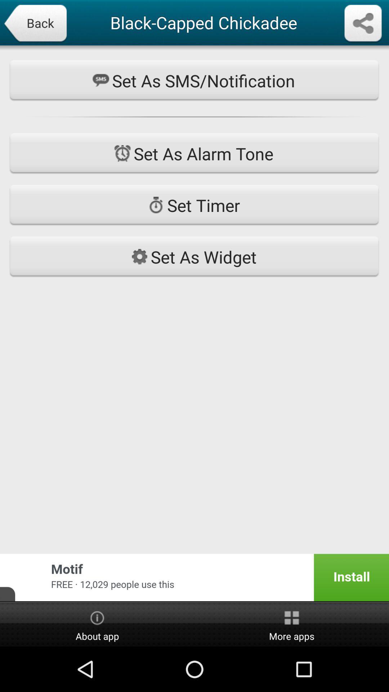 The image size is (389, 692). What do you see at coordinates (97, 624) in the screenshot?
I see `icon next to more apps` at bounding box center [97, 624].